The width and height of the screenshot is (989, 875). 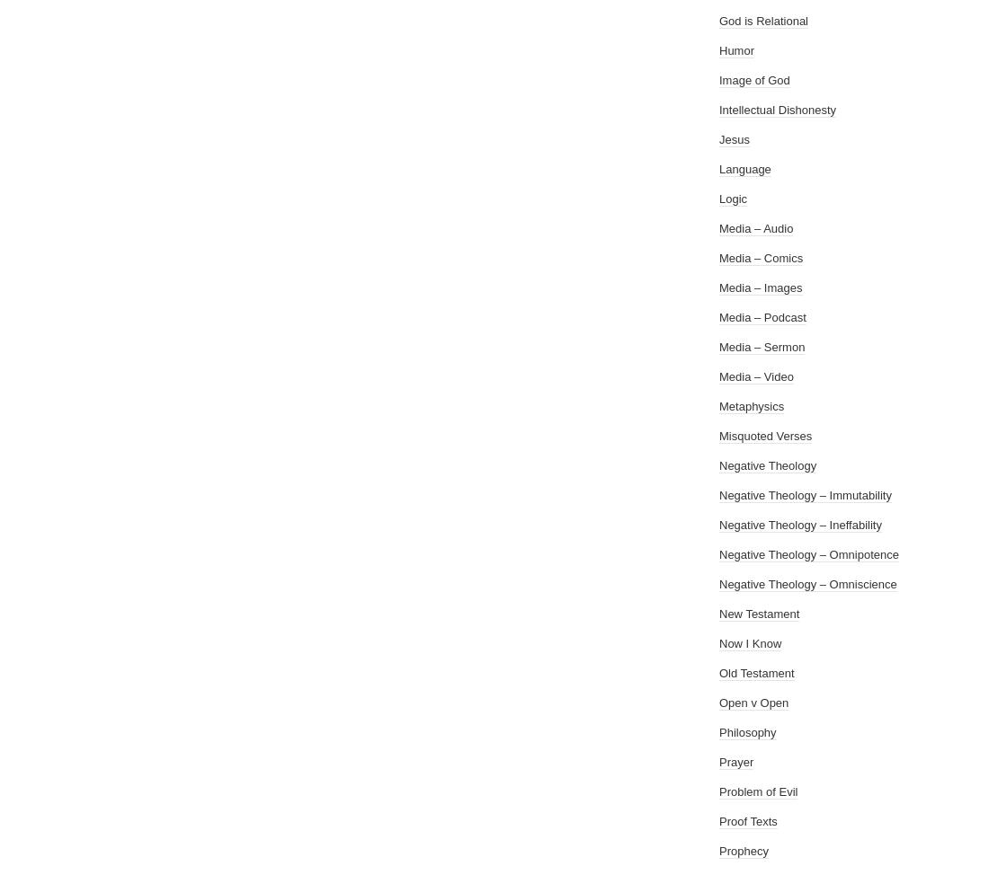 What do you see at coordinates (719, 762) in the screenshot?
I see `'Prayer'` at bounding box center [719, 762].